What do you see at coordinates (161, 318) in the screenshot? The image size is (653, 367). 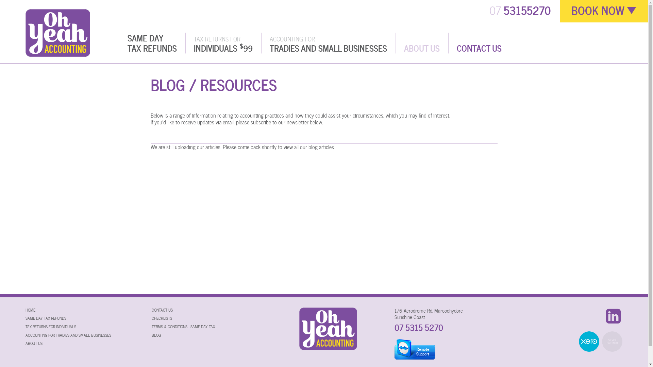 I see `'CHECKLISTS'` at bounding box center [161, 318].